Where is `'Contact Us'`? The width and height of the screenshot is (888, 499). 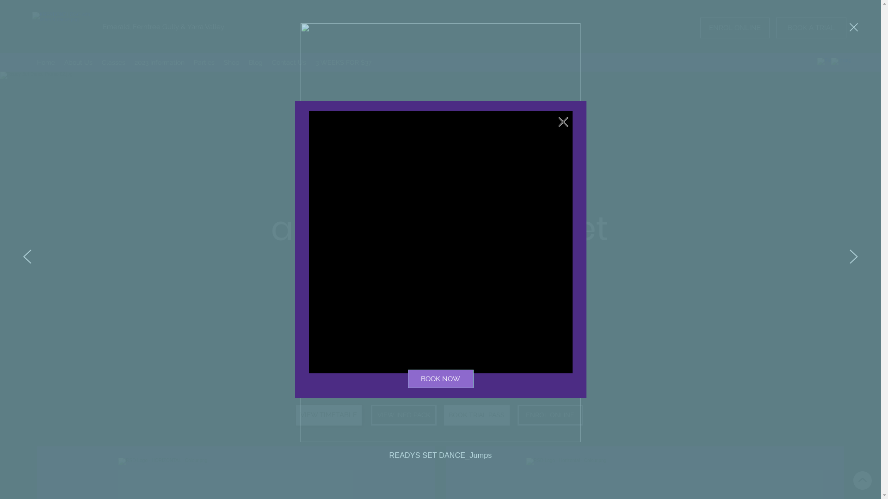
'Contact Us' is located at coordinates (288, 62).